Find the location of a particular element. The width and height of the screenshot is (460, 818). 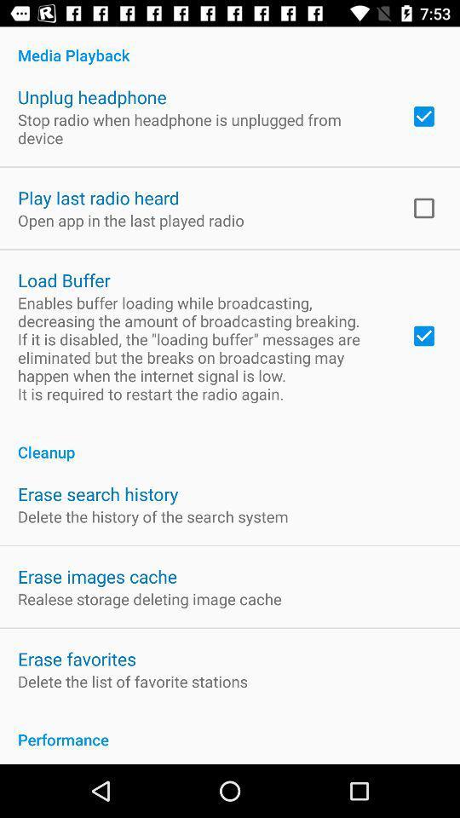

the app below the open app in is located at coordinates (63, 279).